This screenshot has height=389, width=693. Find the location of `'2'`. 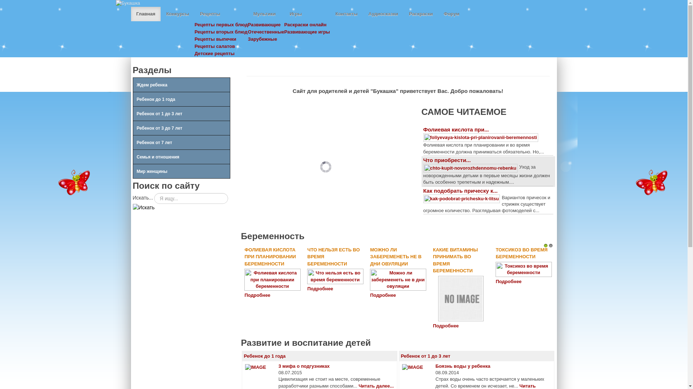

'2' is located at coordinates (550, 245).